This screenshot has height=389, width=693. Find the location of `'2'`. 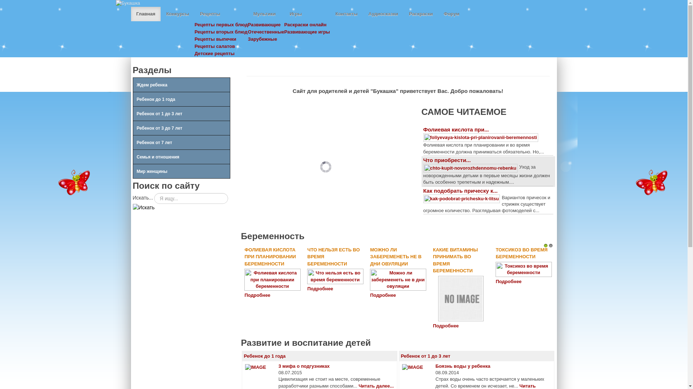

'2' is located at coordinates (550, 245).